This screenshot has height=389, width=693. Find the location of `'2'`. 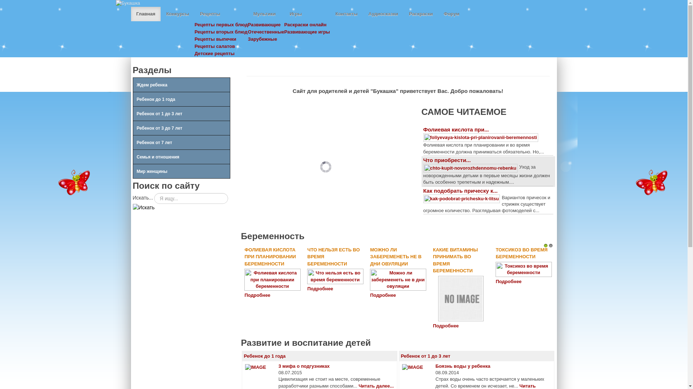

'2' is located at coordinates (550, 245).